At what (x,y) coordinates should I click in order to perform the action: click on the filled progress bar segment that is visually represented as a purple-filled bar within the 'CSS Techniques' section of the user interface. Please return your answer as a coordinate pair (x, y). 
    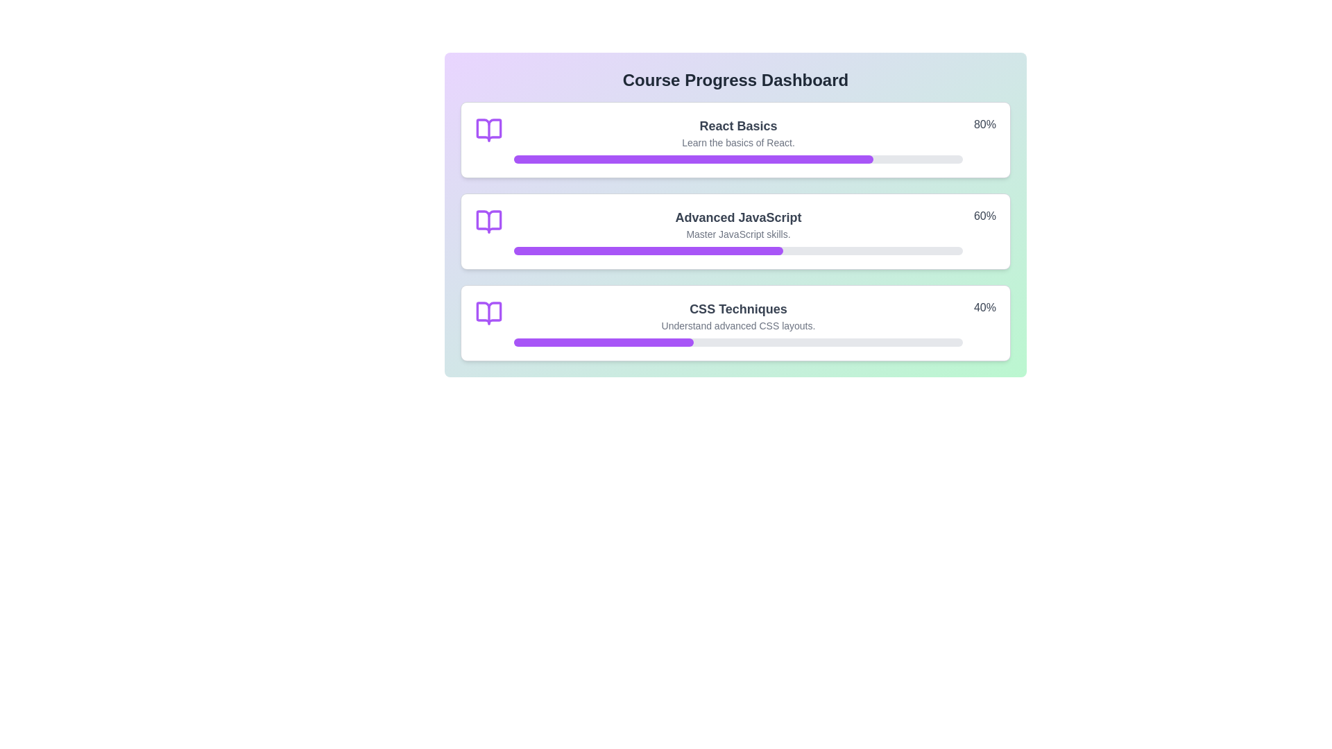
    Looking at the image, I should click on (604, 342).